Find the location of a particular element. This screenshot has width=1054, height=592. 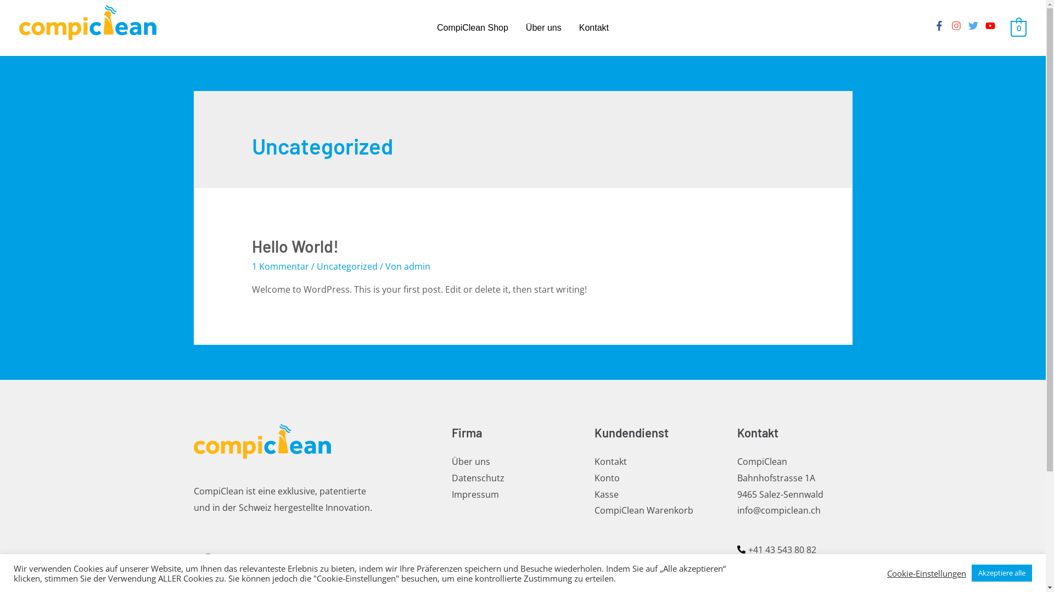

'admin' is located at coordinates (416, 266).